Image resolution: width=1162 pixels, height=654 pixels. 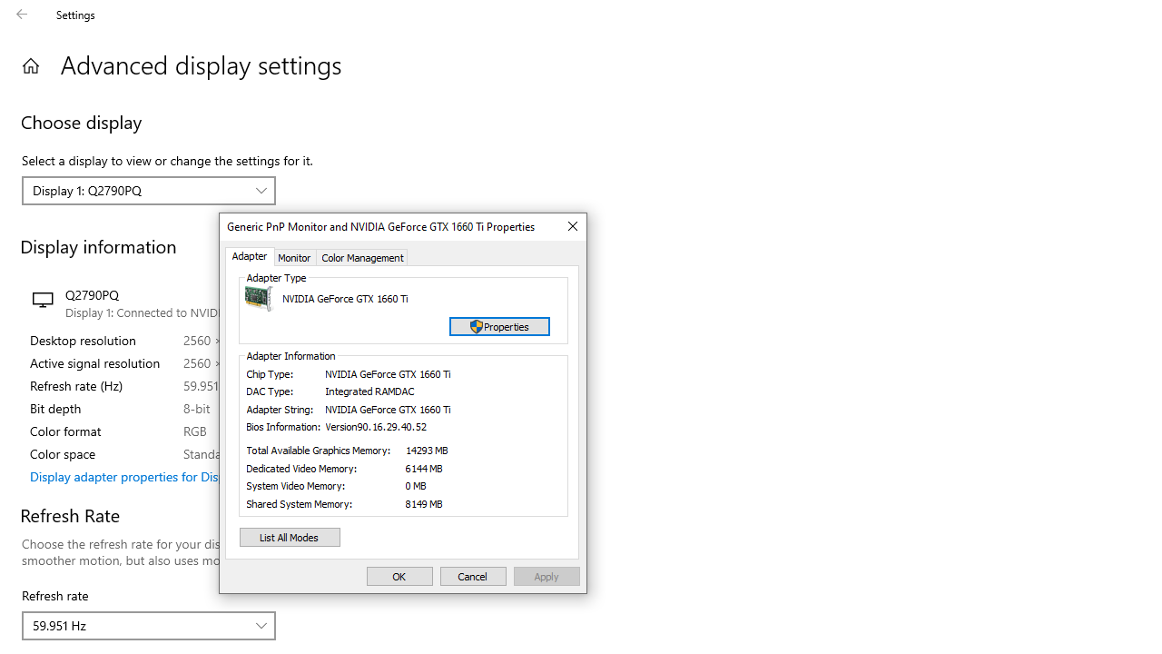 I want to click on 'Properties', so click(x=499, y=325).